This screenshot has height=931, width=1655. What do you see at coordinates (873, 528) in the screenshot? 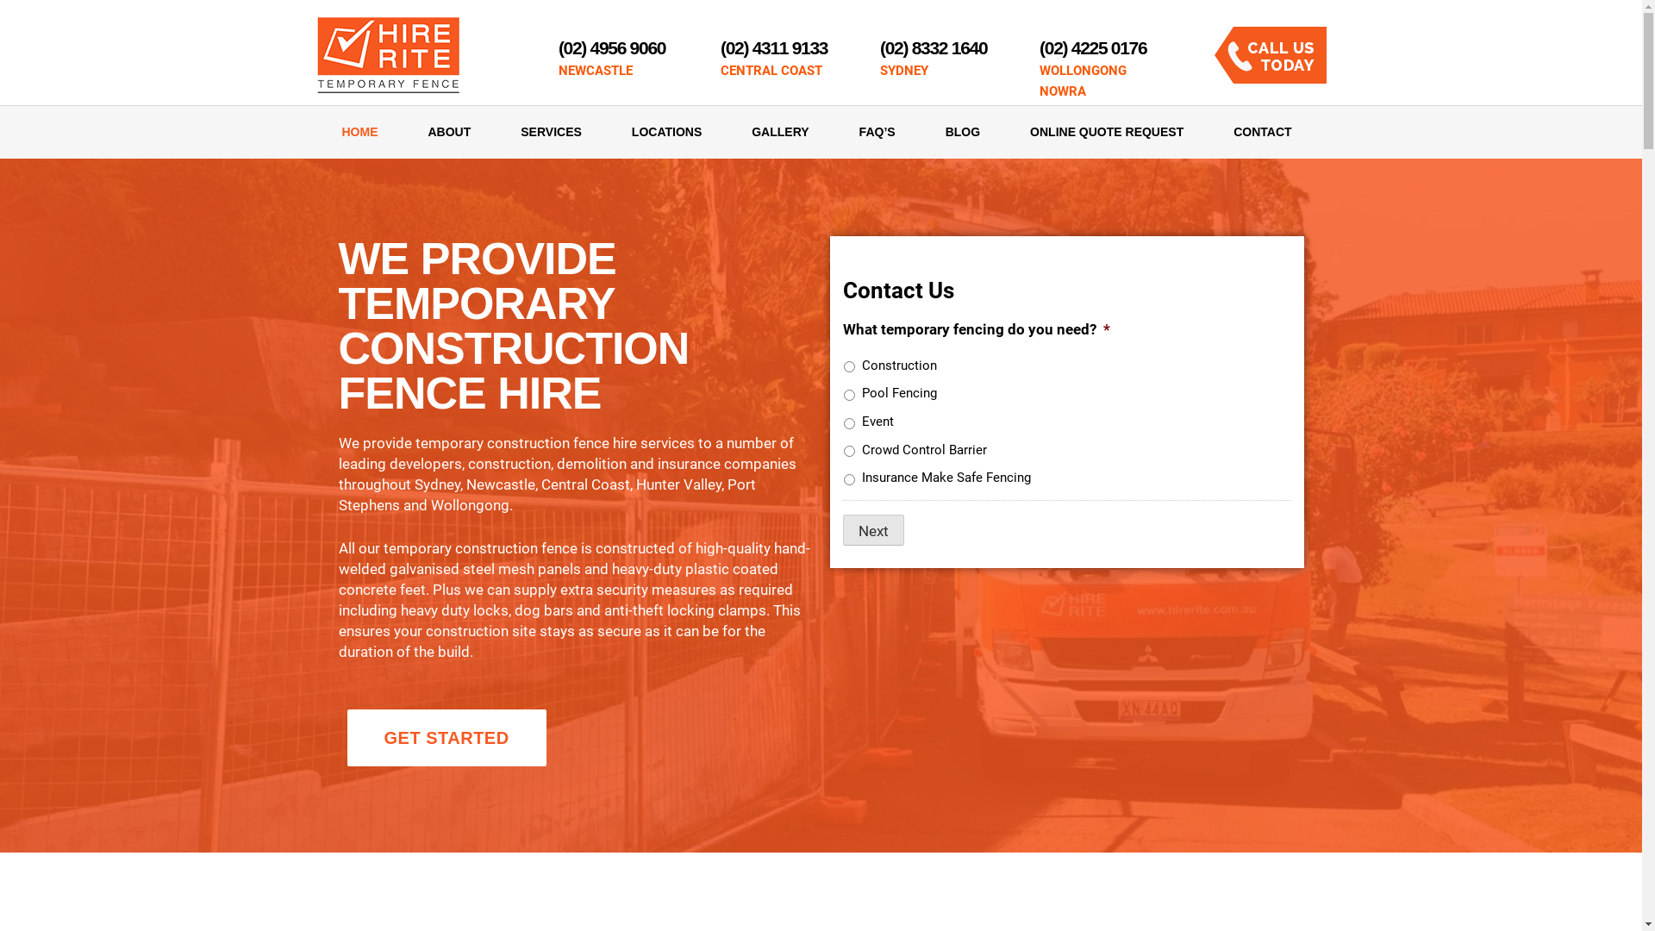
I see `'Next'` at bounding box center [873, 528].